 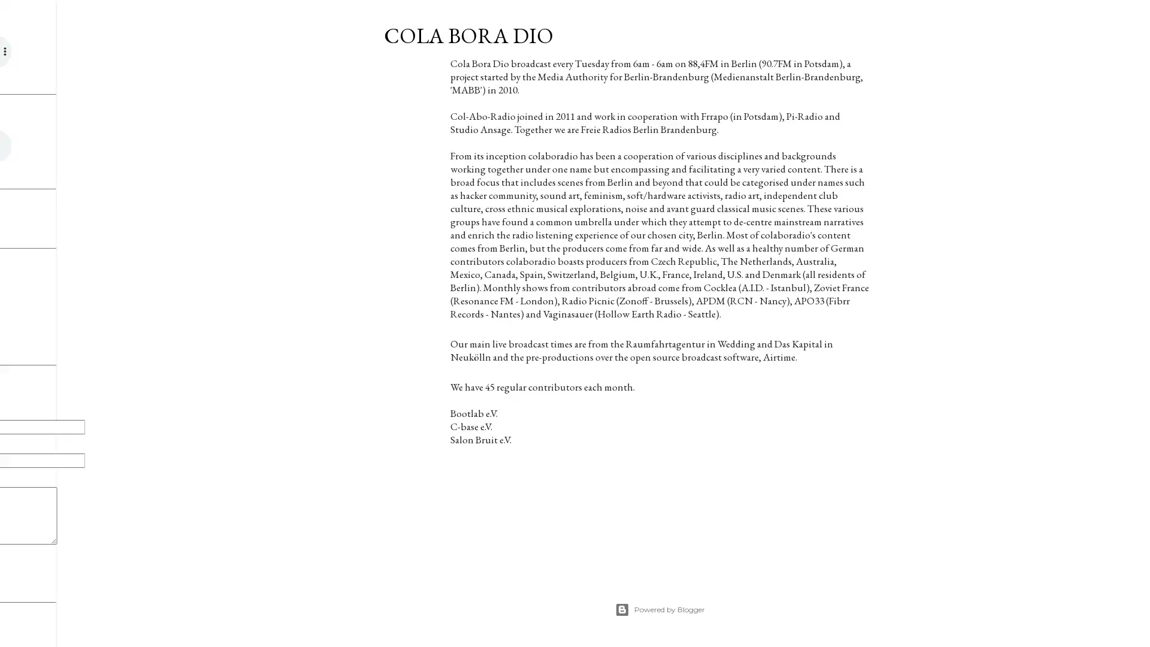 I want to click on play, so click(x=40, y=145).